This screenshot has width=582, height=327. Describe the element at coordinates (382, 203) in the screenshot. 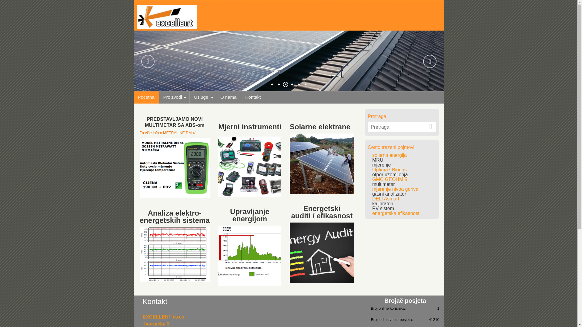

I see `'kalibratori'` at that location.